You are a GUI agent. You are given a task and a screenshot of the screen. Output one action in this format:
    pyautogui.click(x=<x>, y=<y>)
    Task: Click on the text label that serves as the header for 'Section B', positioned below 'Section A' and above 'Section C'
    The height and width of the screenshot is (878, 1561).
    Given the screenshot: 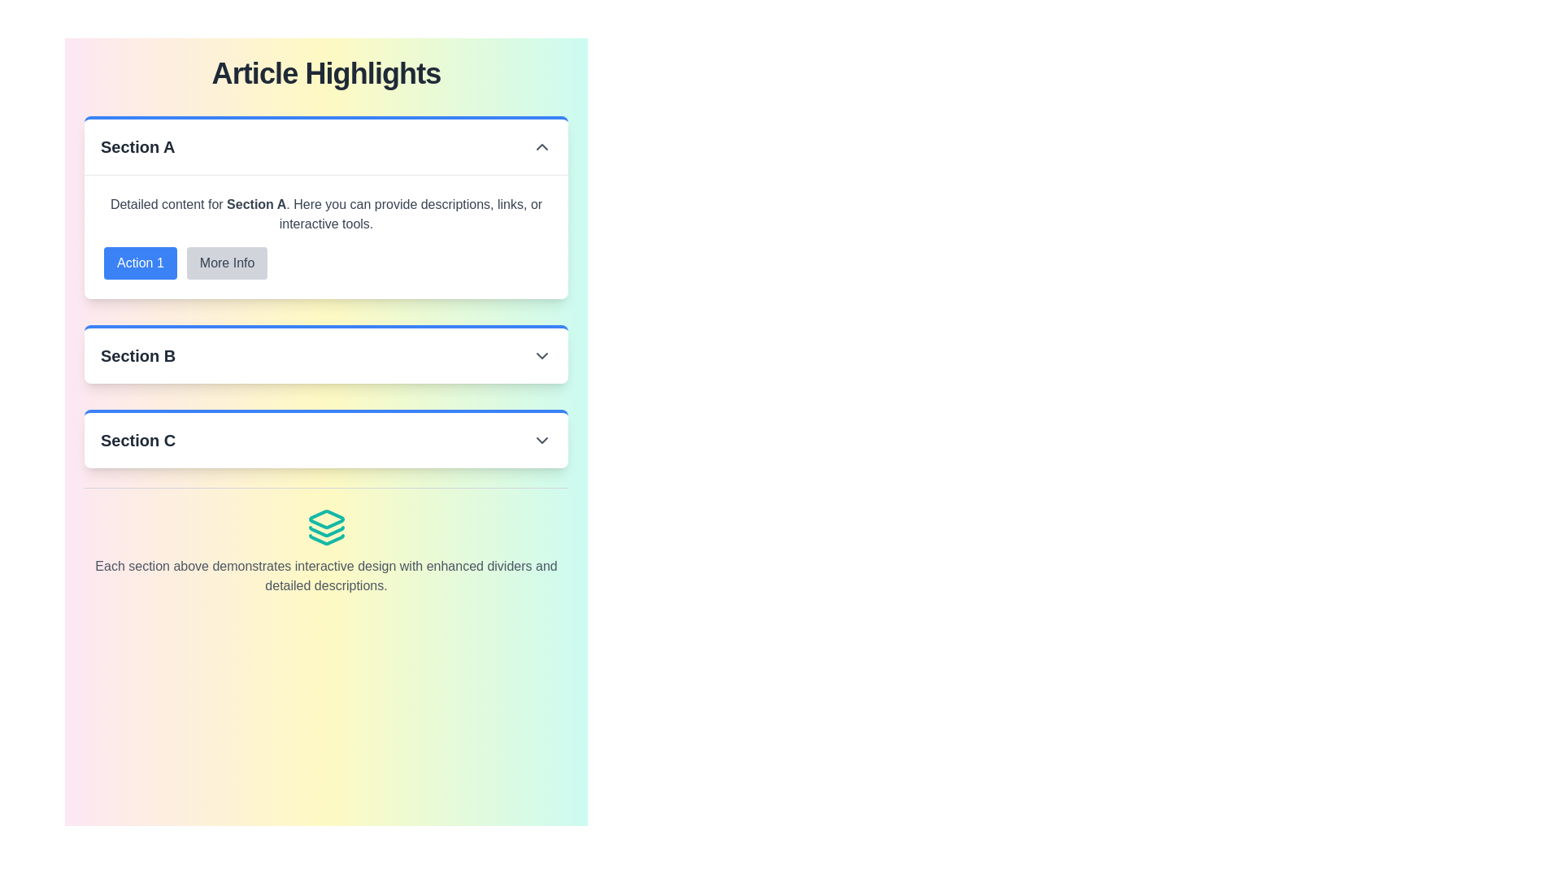 What is the action you would take?
    pyautogui.click(x=138, y=355)
    